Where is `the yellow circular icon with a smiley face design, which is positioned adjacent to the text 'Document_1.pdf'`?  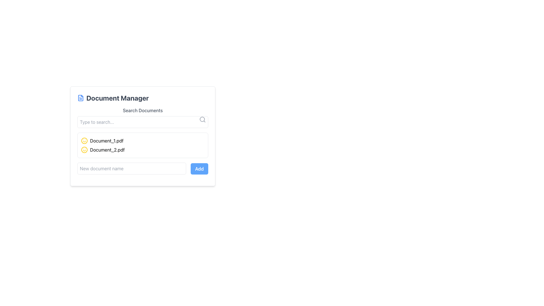 the yellow circular icon with a smiley face design, which is positioned adjacent to the text 'Document_1.pdf' is located at coordinates (84, 141).